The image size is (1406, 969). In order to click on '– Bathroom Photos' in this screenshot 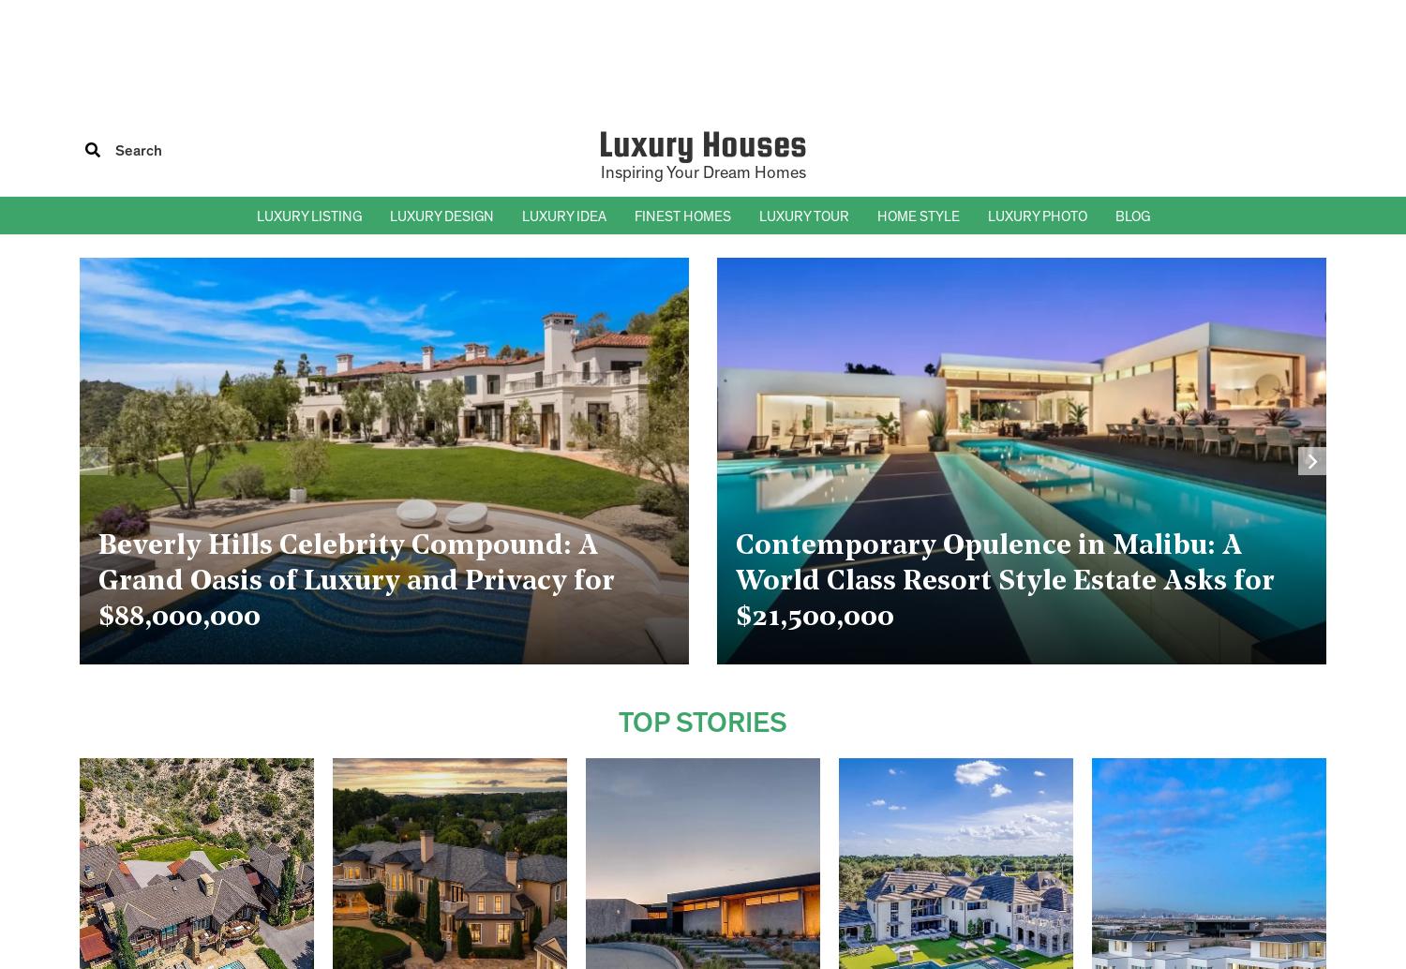, I will do `click(1040, 367)`.